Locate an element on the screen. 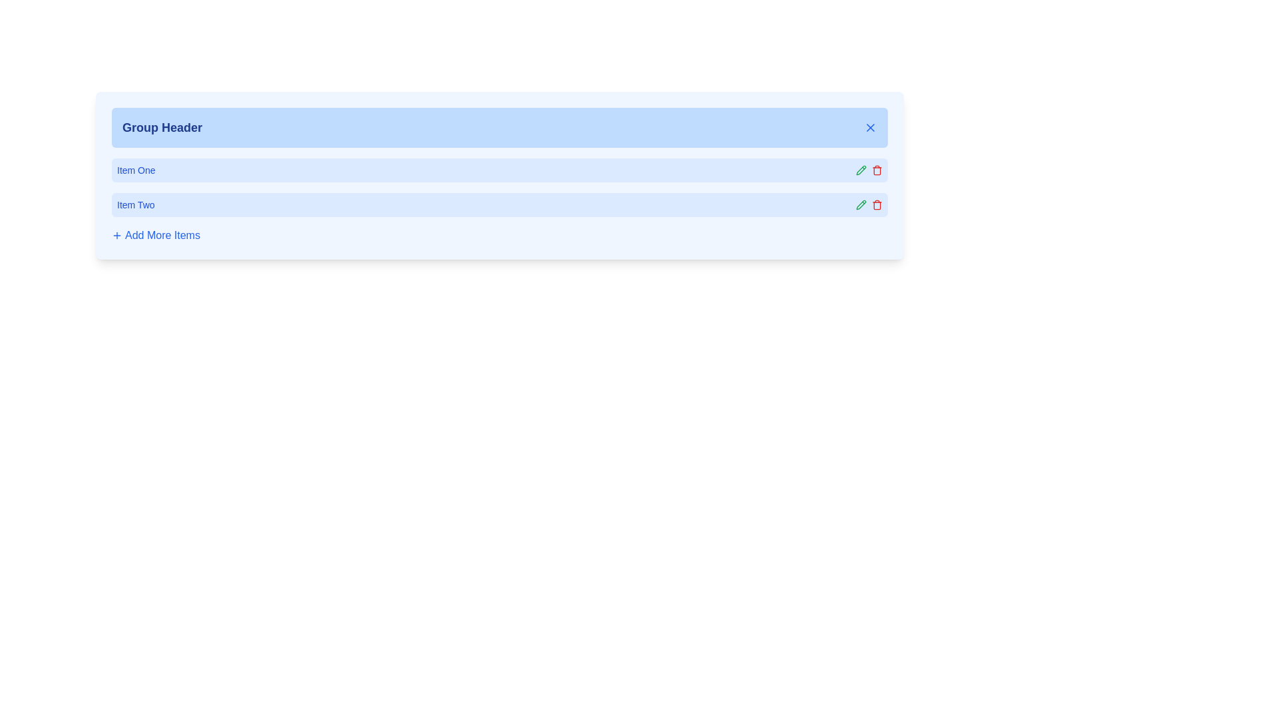 The width and height of the screenshot is (1278, 719). the button located at the bottom of the 'Group Header' section is located at coordinates (156, 235).